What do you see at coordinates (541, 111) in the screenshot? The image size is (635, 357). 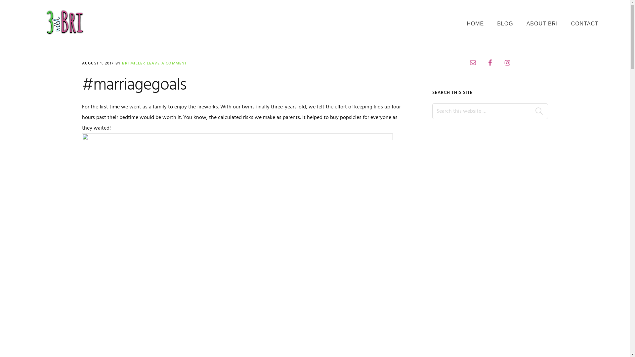 I see `'Search'` at bounding box center [541, 111].